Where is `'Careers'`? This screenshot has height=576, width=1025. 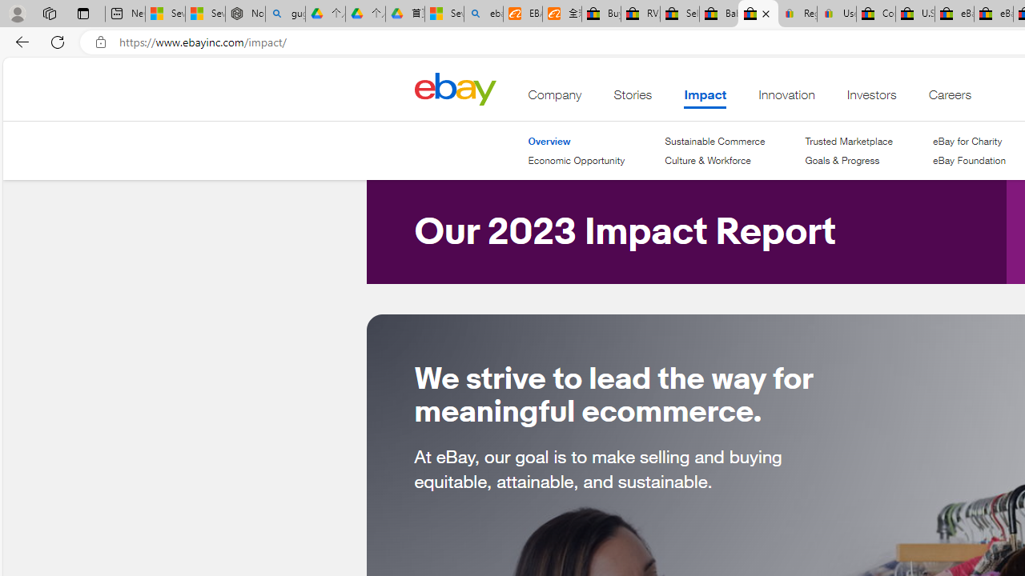
'Careers' is located at coordinates (949, 98).